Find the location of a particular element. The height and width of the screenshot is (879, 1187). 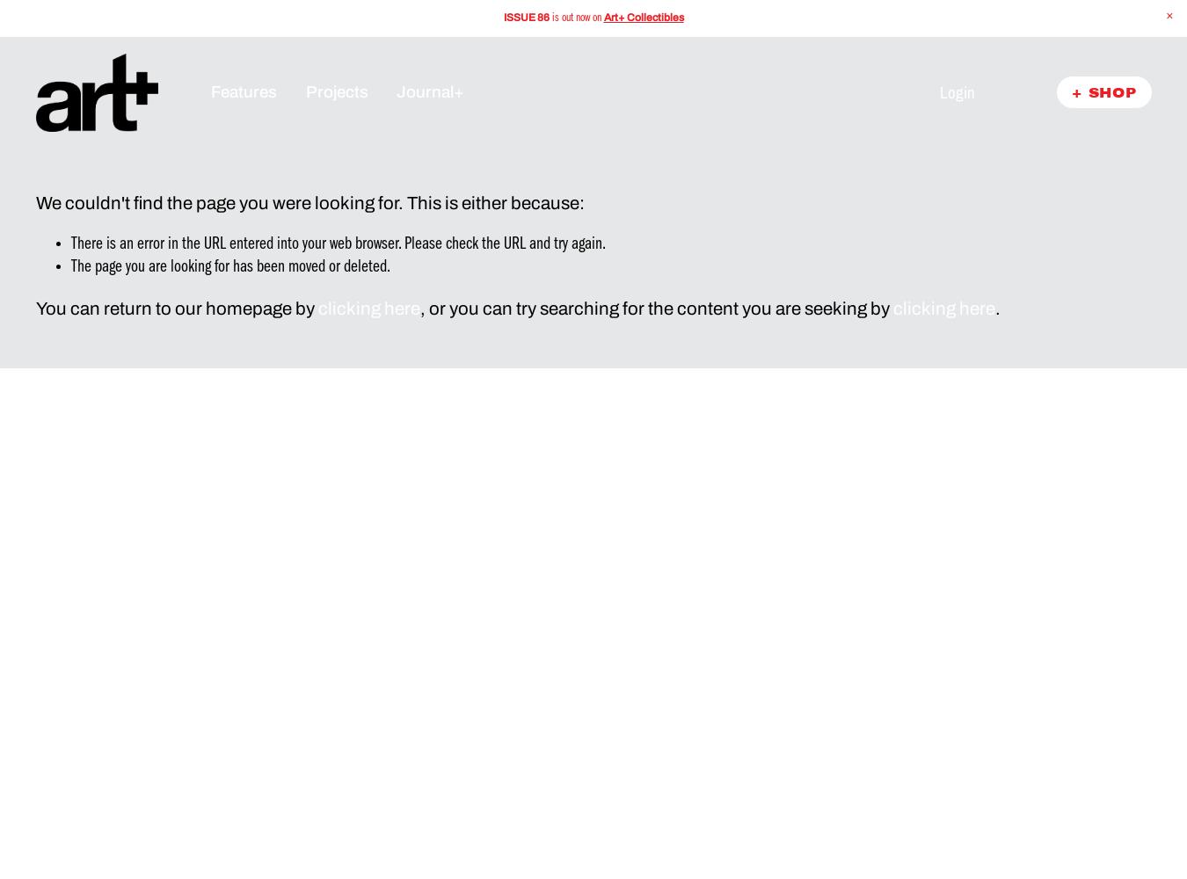

'The page you are looking for has been moved or deleted.' is located at coordinates (229, 267).